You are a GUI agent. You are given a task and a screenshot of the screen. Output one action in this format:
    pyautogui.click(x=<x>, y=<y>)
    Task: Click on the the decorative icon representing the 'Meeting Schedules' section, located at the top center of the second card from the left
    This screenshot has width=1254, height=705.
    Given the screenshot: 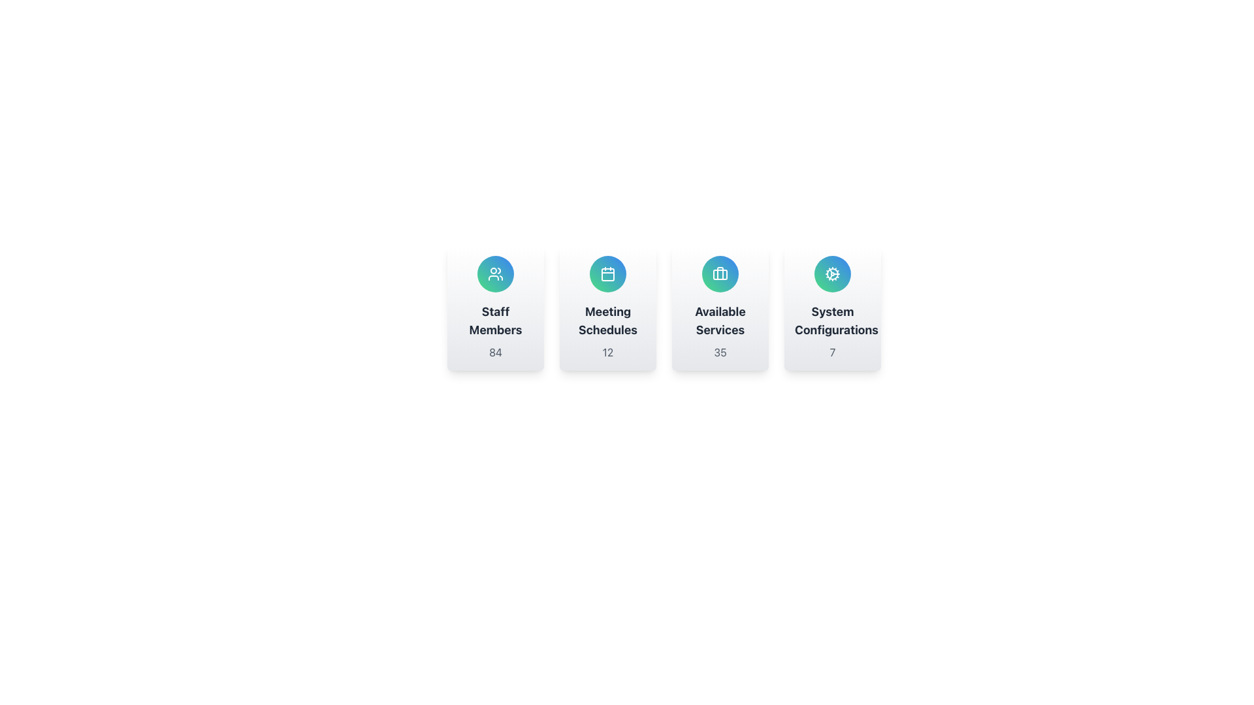 What is the action you would take?
    pyautogui.click(x=607, y=274)
    